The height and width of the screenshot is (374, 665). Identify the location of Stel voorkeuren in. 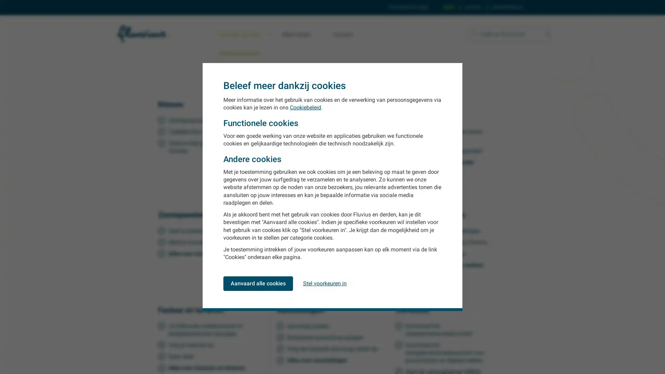
(324, 283).